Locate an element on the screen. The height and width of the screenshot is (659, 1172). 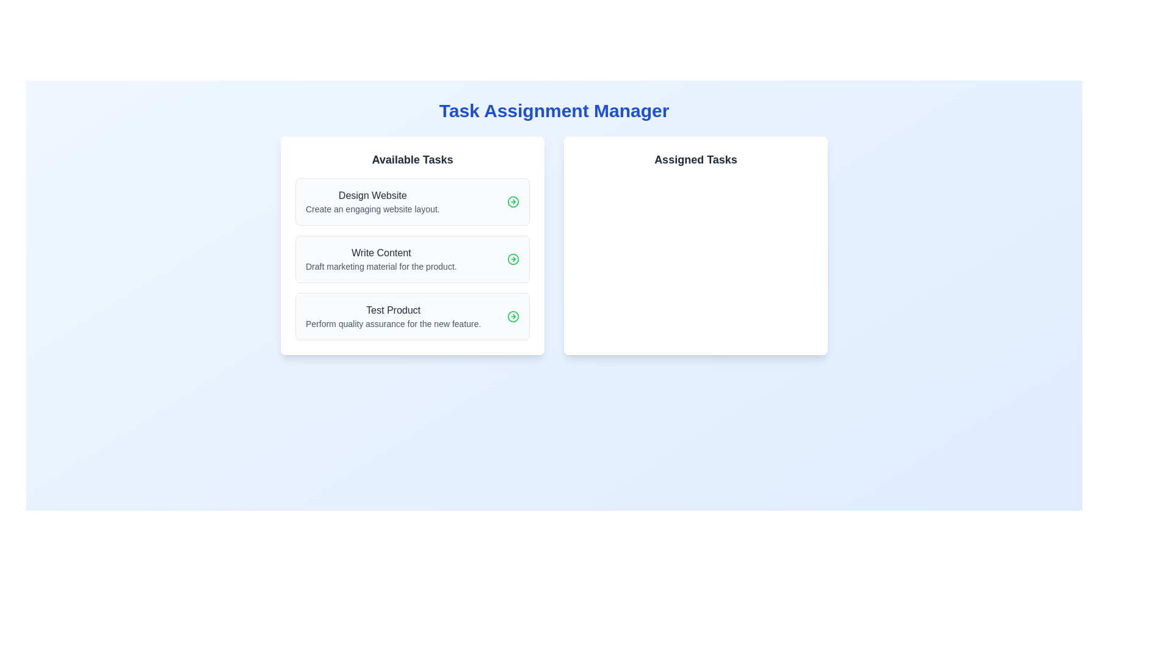
the text label that displays the header 'Design Website' and the secondary text 'Create an engaging website layout.' which is located in the uppermost task box under 'Available Tasks.' is located at coordinates (372, 201).